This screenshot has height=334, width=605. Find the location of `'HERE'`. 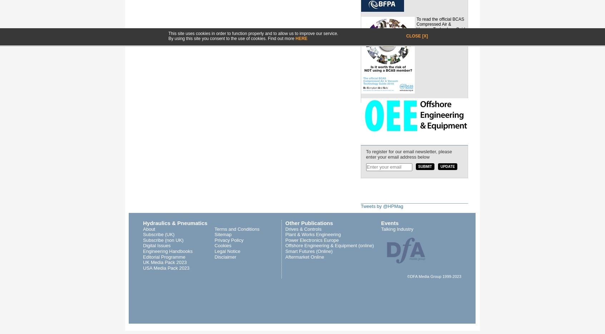

'HERE' is located at coordinates (301, 38).